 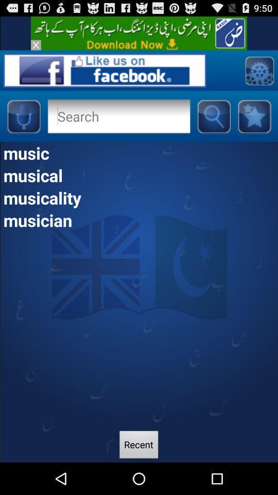 I want to click on advertisement for some app to download, so click(x=139, y=33).